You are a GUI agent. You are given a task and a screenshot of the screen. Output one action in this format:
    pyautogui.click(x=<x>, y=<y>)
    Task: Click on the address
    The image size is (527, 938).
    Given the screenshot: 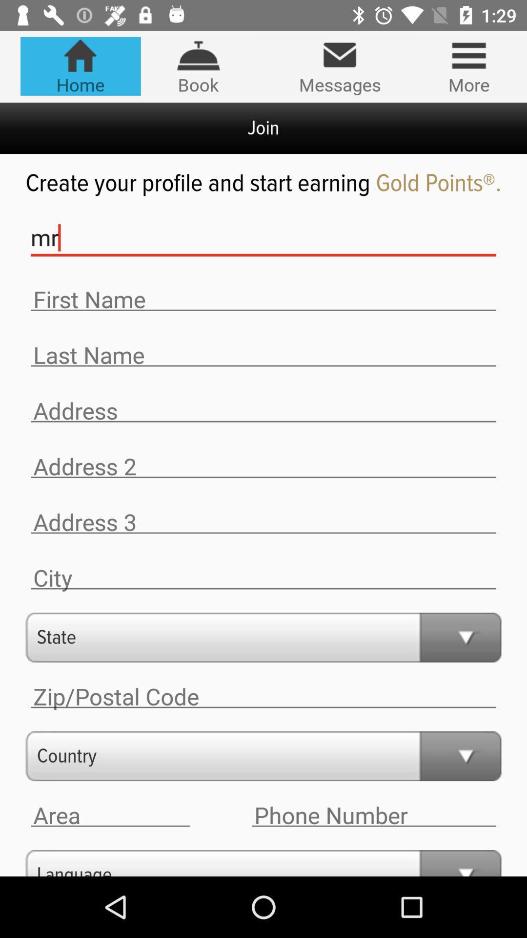 What is the action you would take?
    pyautogui.click(x=263, y=522)
    